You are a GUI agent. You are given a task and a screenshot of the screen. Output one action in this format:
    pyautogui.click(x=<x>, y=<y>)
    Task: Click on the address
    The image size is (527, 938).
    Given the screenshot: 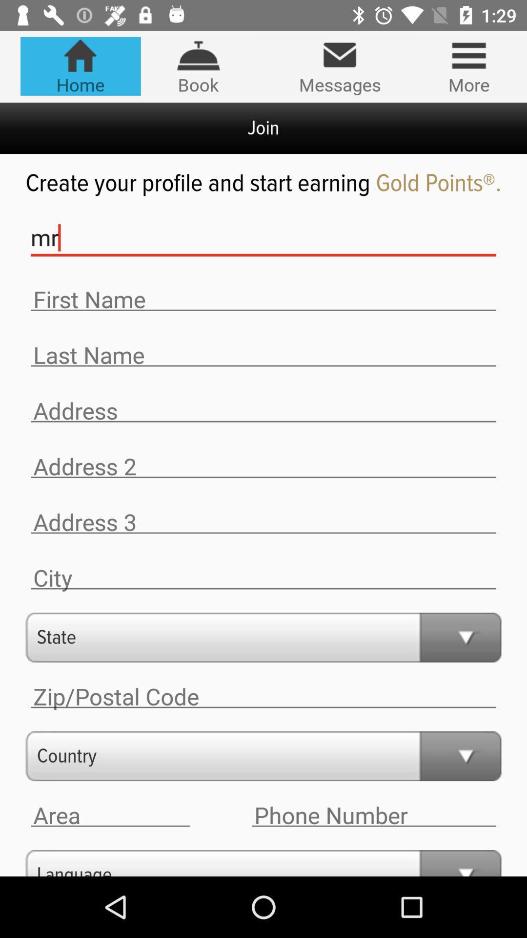 What is the action you would take?
    pyautogui.click(x=263, y=522)
    